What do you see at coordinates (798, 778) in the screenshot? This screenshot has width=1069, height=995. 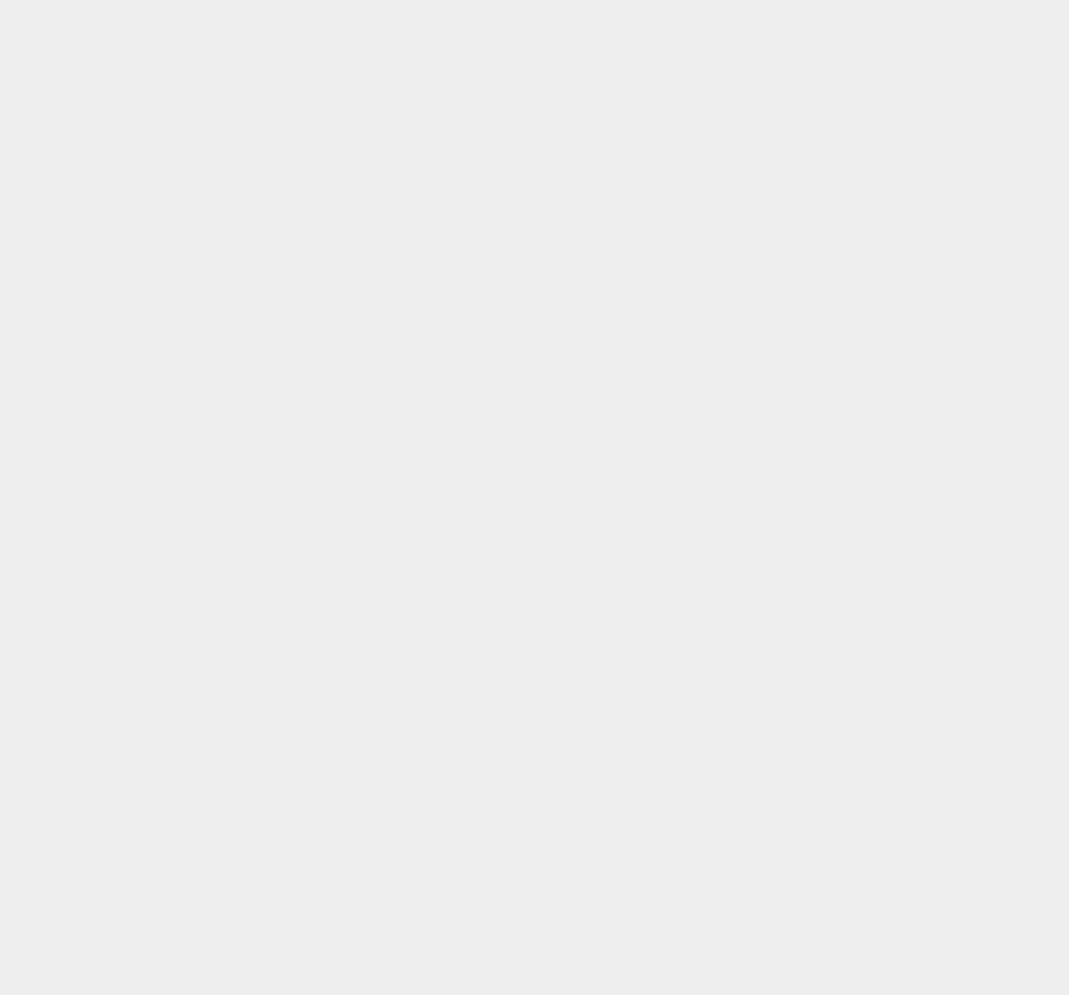 I see `'BlackBerry App'` at bounding box center [798, 778].